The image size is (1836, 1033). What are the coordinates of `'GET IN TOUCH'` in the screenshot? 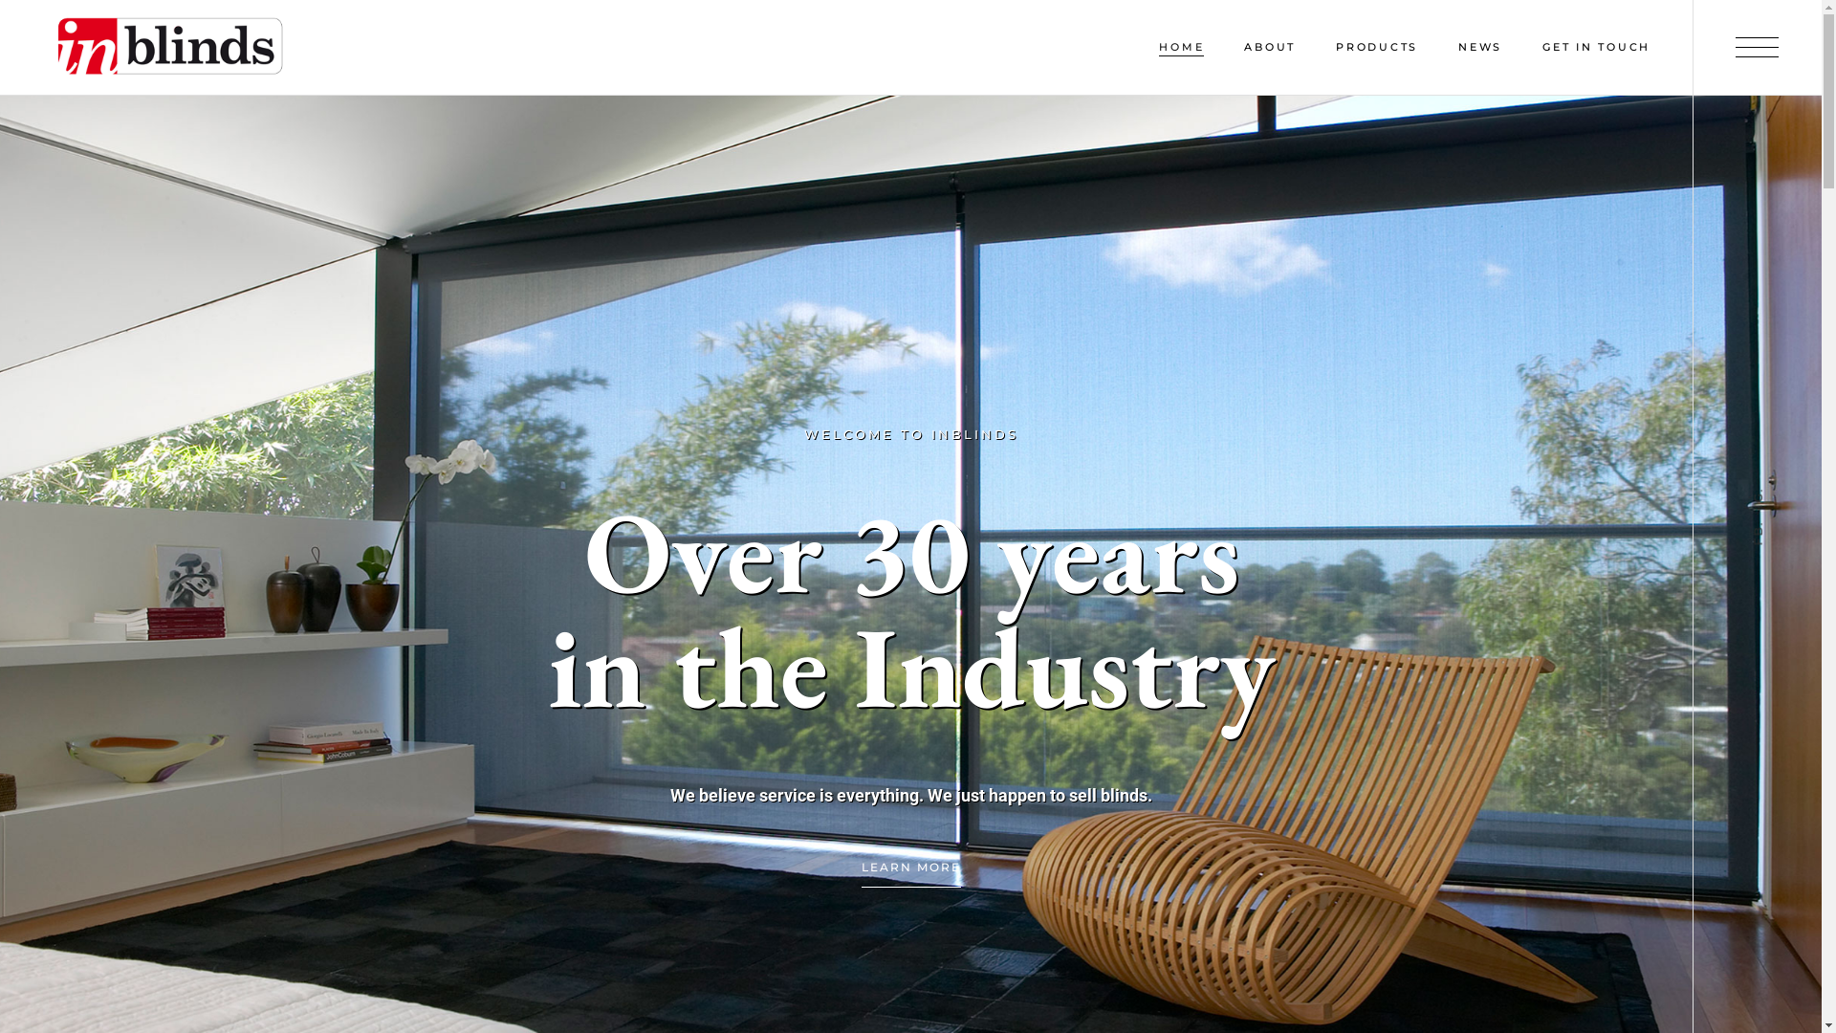 It's located at (1596, 46).